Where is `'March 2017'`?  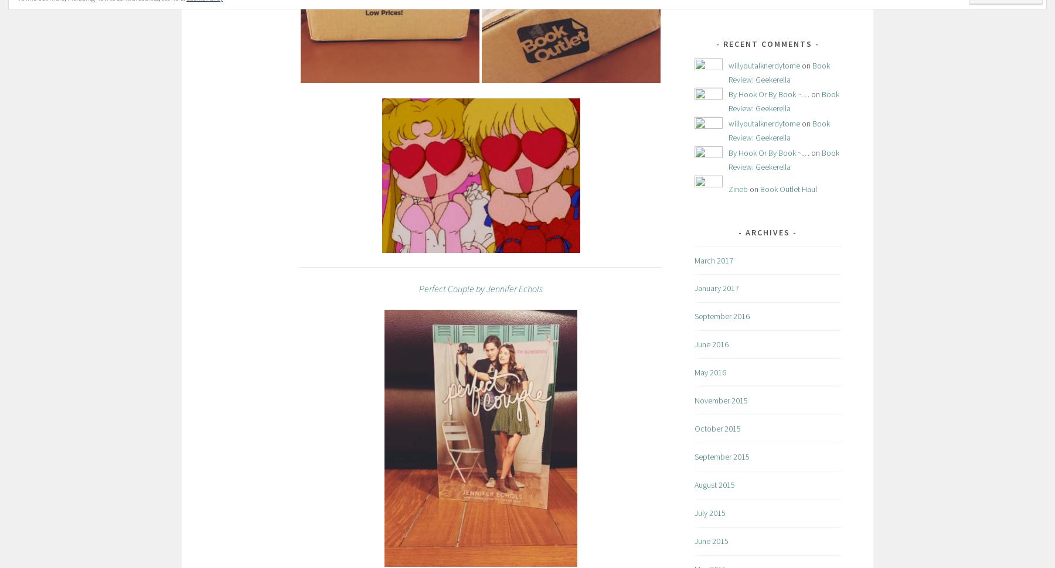 'March 2017' is located at coordinates (713, 259).